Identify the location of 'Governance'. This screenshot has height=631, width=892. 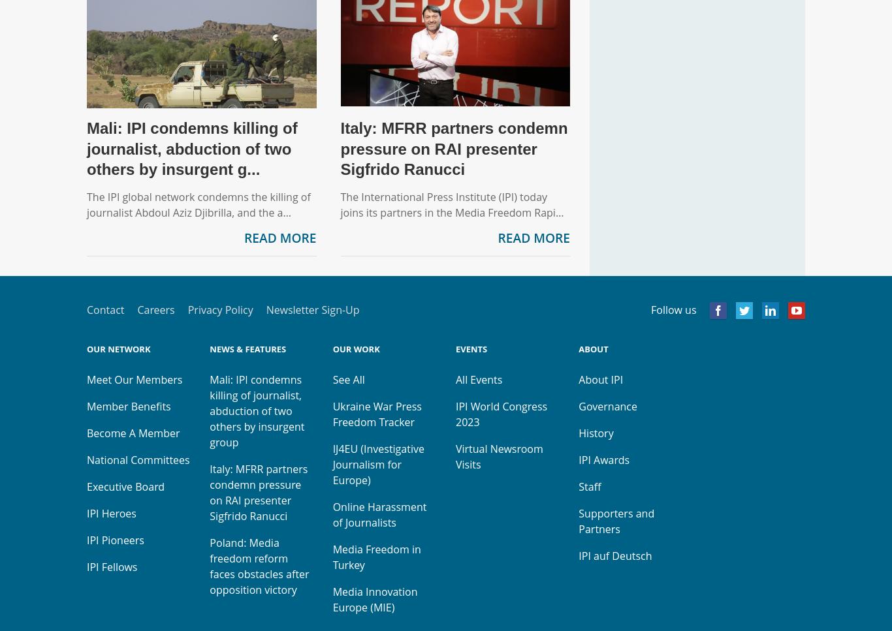
(577, 407).